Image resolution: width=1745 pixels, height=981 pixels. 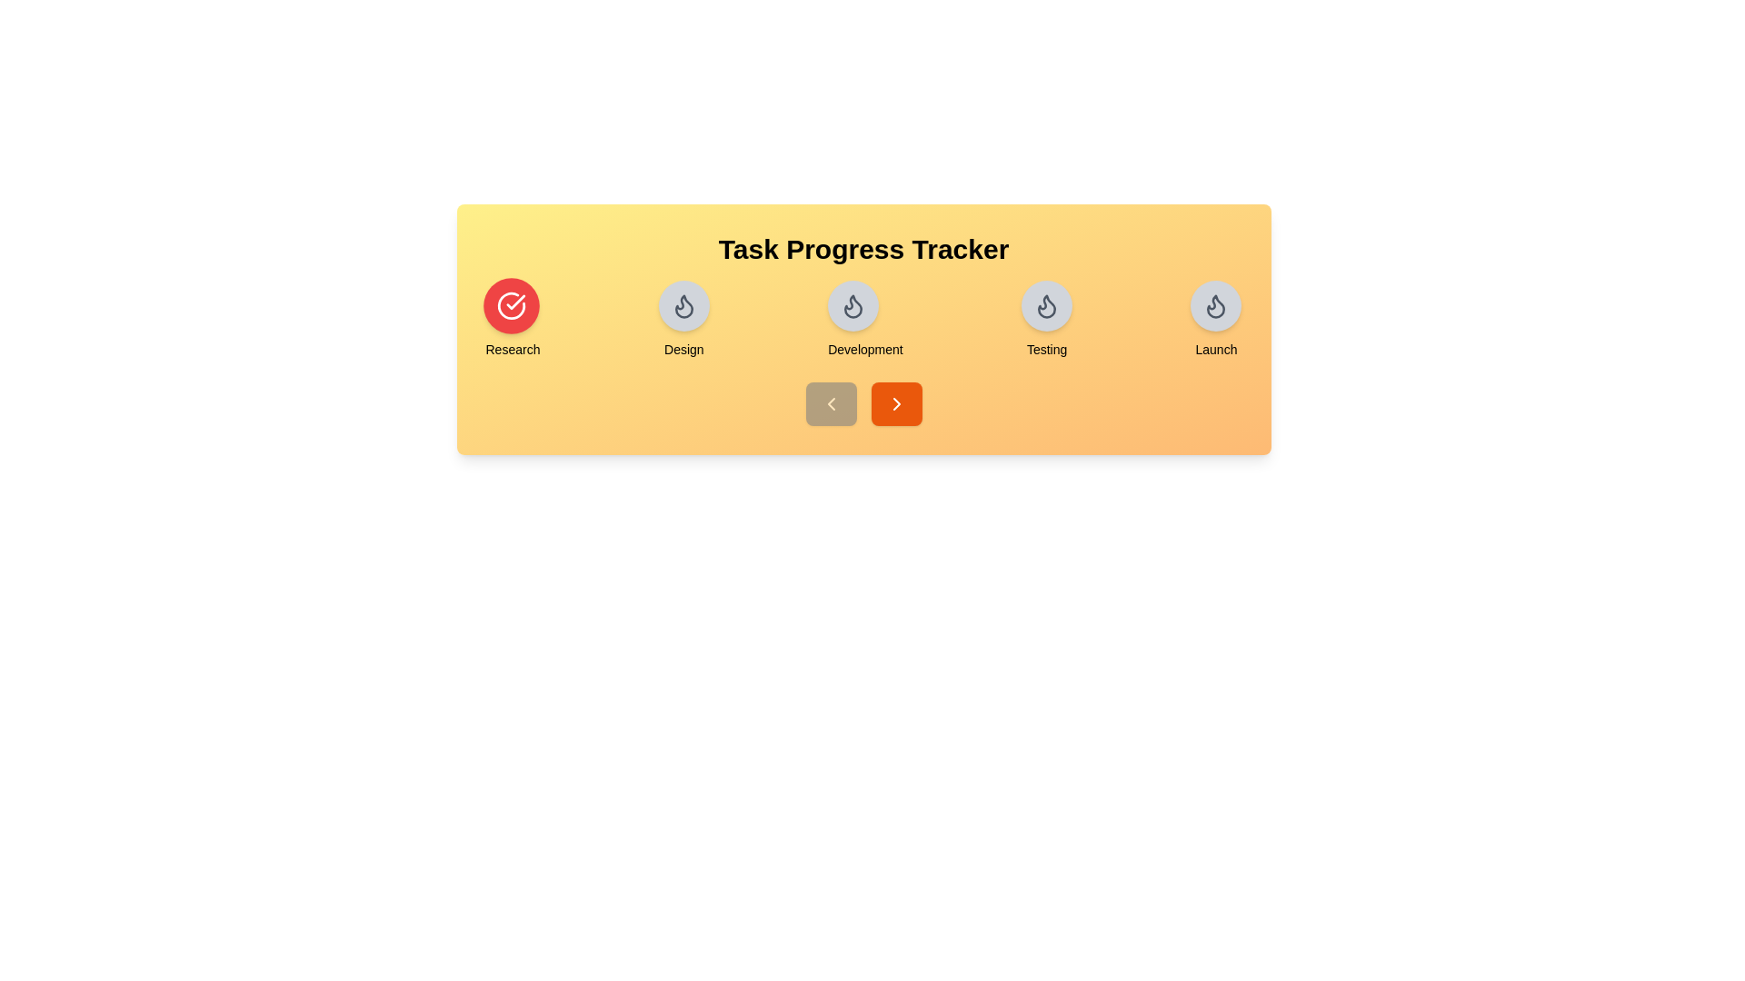 What do you see at coordinates (864, 320) in the screenshot?
I see `the 'Development' stage icon in the Task Progress Tracker` at bounding box center [864, 320].